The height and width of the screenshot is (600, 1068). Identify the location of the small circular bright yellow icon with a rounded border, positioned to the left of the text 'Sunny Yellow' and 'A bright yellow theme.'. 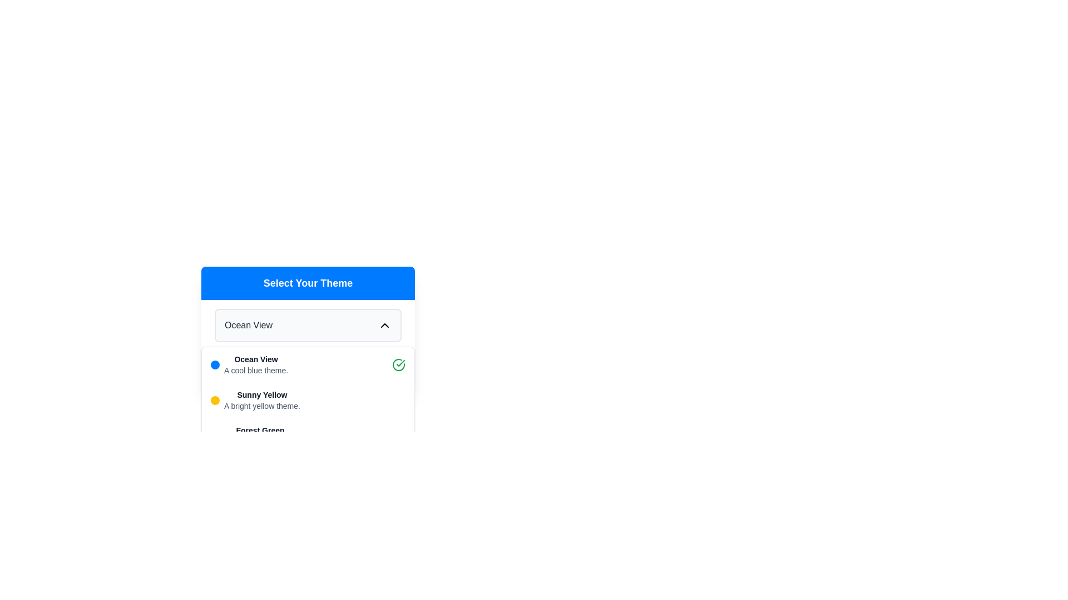
(215, 401).